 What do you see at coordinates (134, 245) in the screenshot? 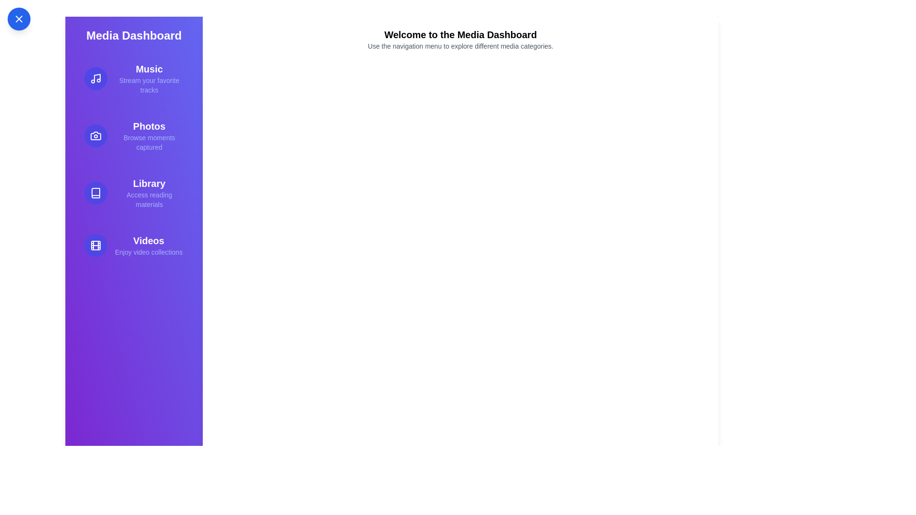
I see `the Videos category from the Media Dashboard` at bounding box center [134, 245].